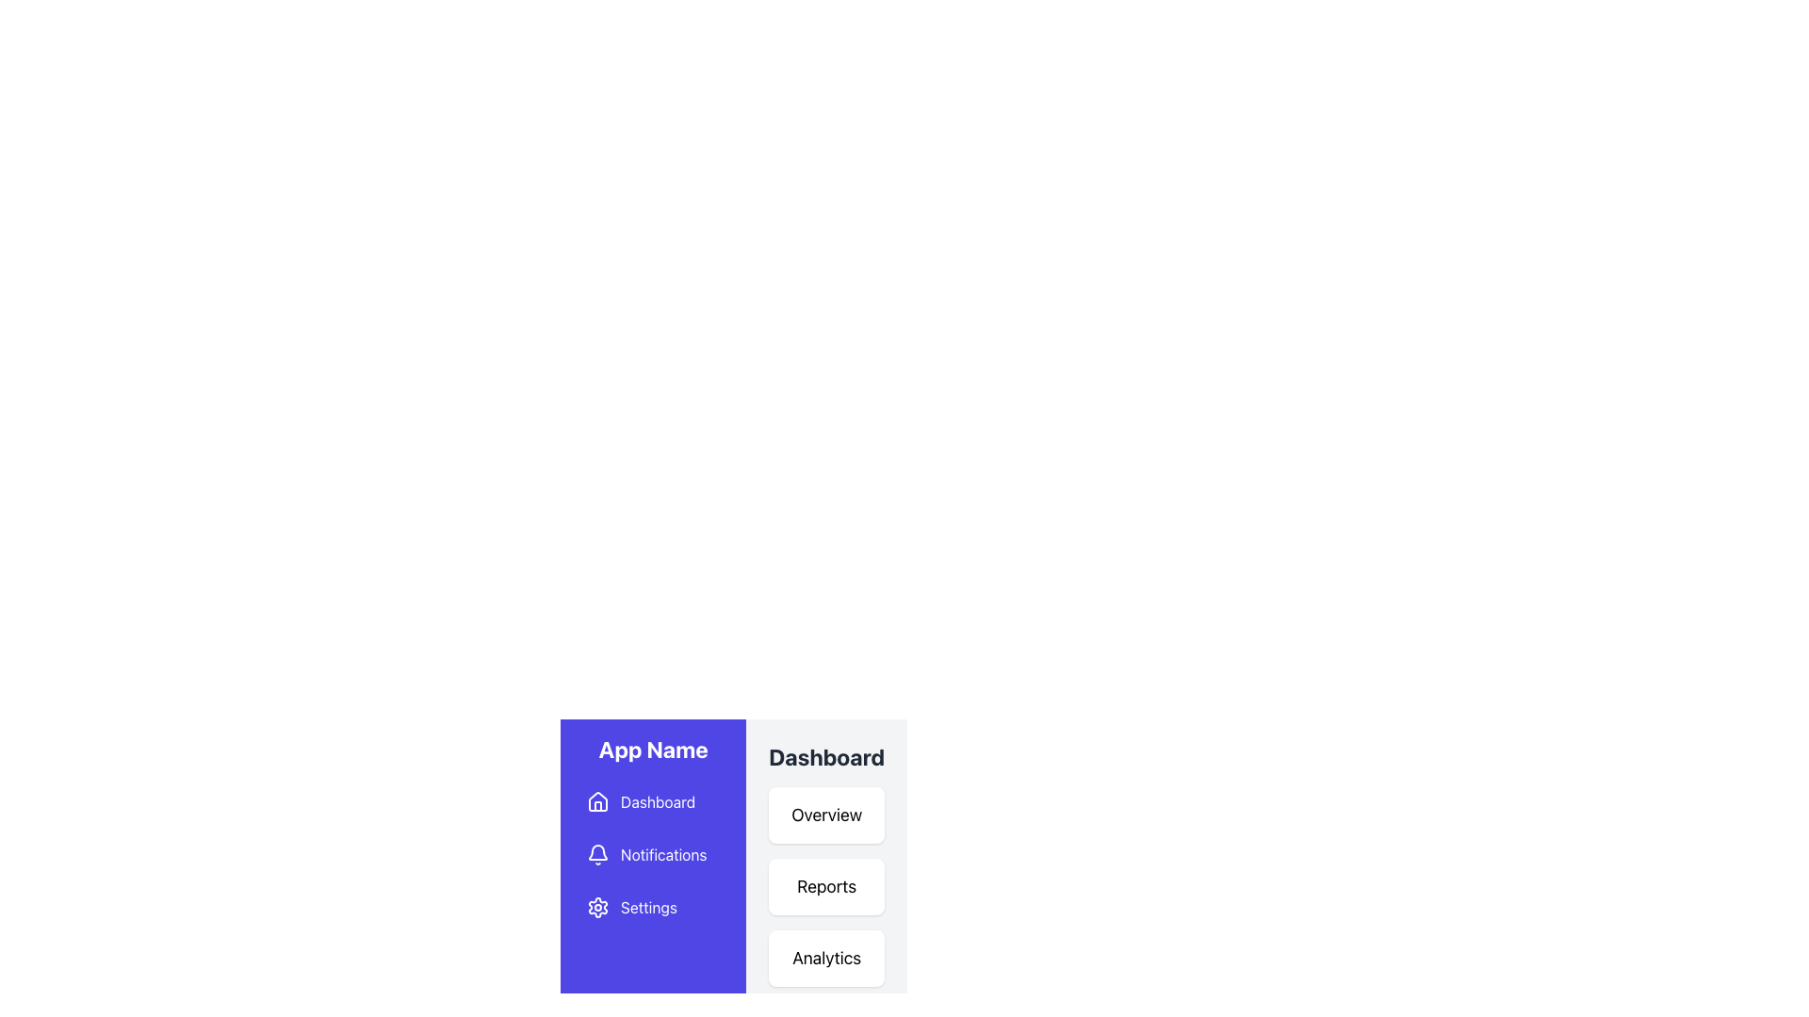 This screenshot has height=1017, width=1809. What do you see at coordinates (826, 959) in the screenshot?
I see `the third button in the vertical stack of buttons within the white panel titled 'Dashboard'` at bounding box center [826, 959].